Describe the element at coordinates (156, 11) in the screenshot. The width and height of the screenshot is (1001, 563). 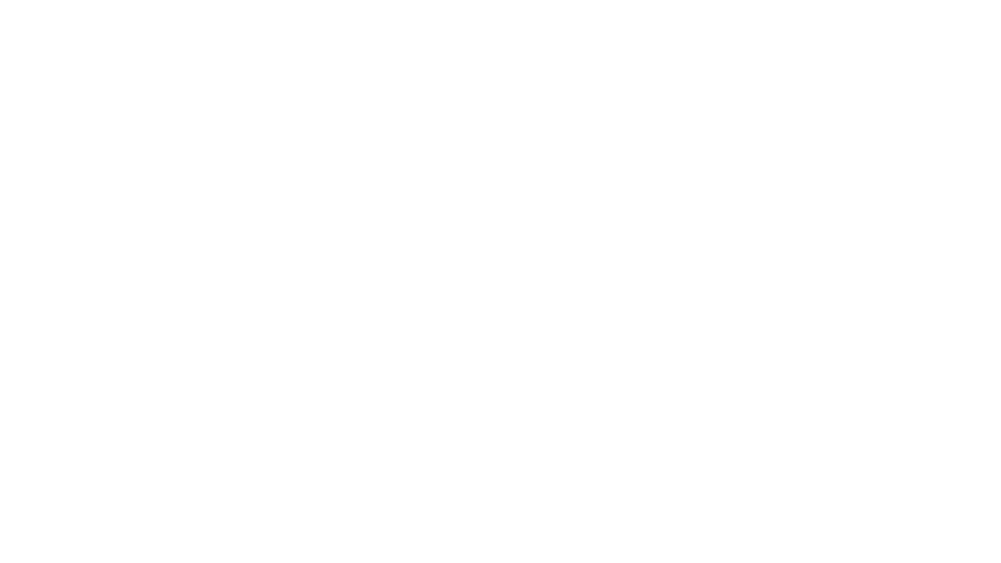
I see `Finance Operations` at that location.